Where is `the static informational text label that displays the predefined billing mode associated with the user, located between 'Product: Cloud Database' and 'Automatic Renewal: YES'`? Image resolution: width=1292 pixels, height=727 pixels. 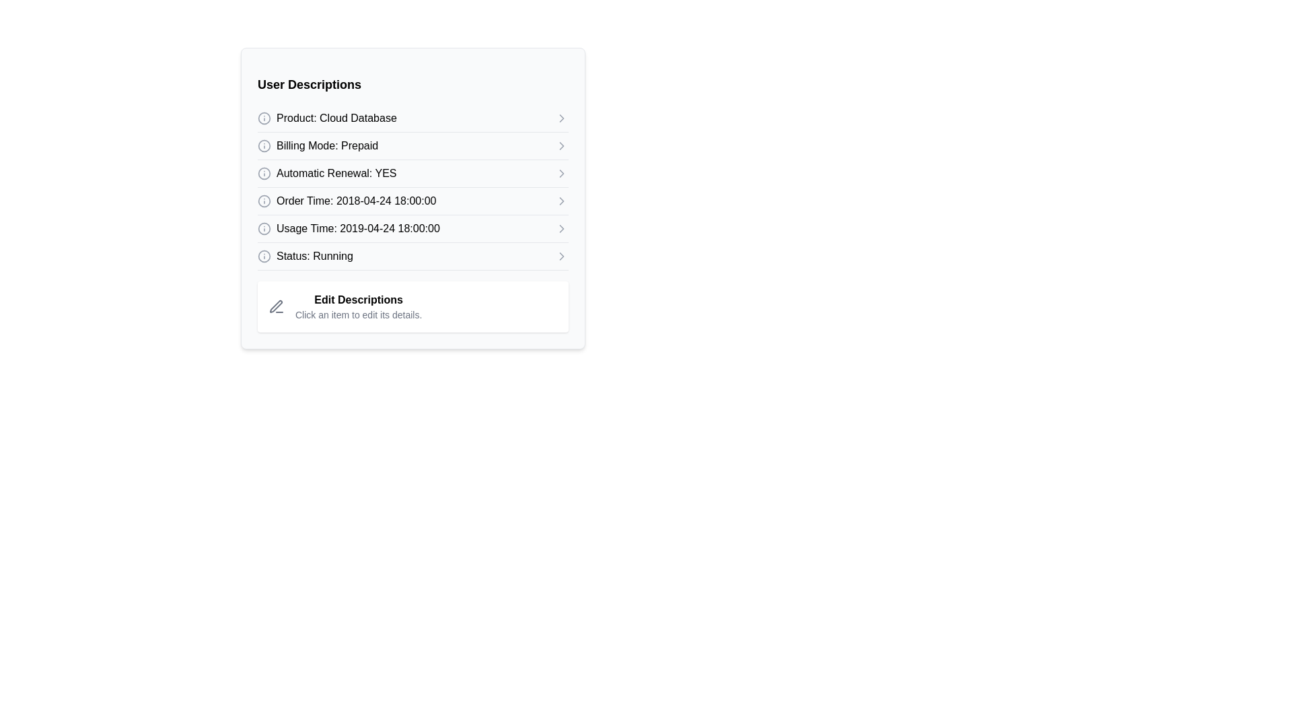
the static informational text label that displays the predefined billing mode associated with the user, located between 'Product: Cloud Database' and 'Automatic Renewal: YES' is located at coordinates (327, 145).